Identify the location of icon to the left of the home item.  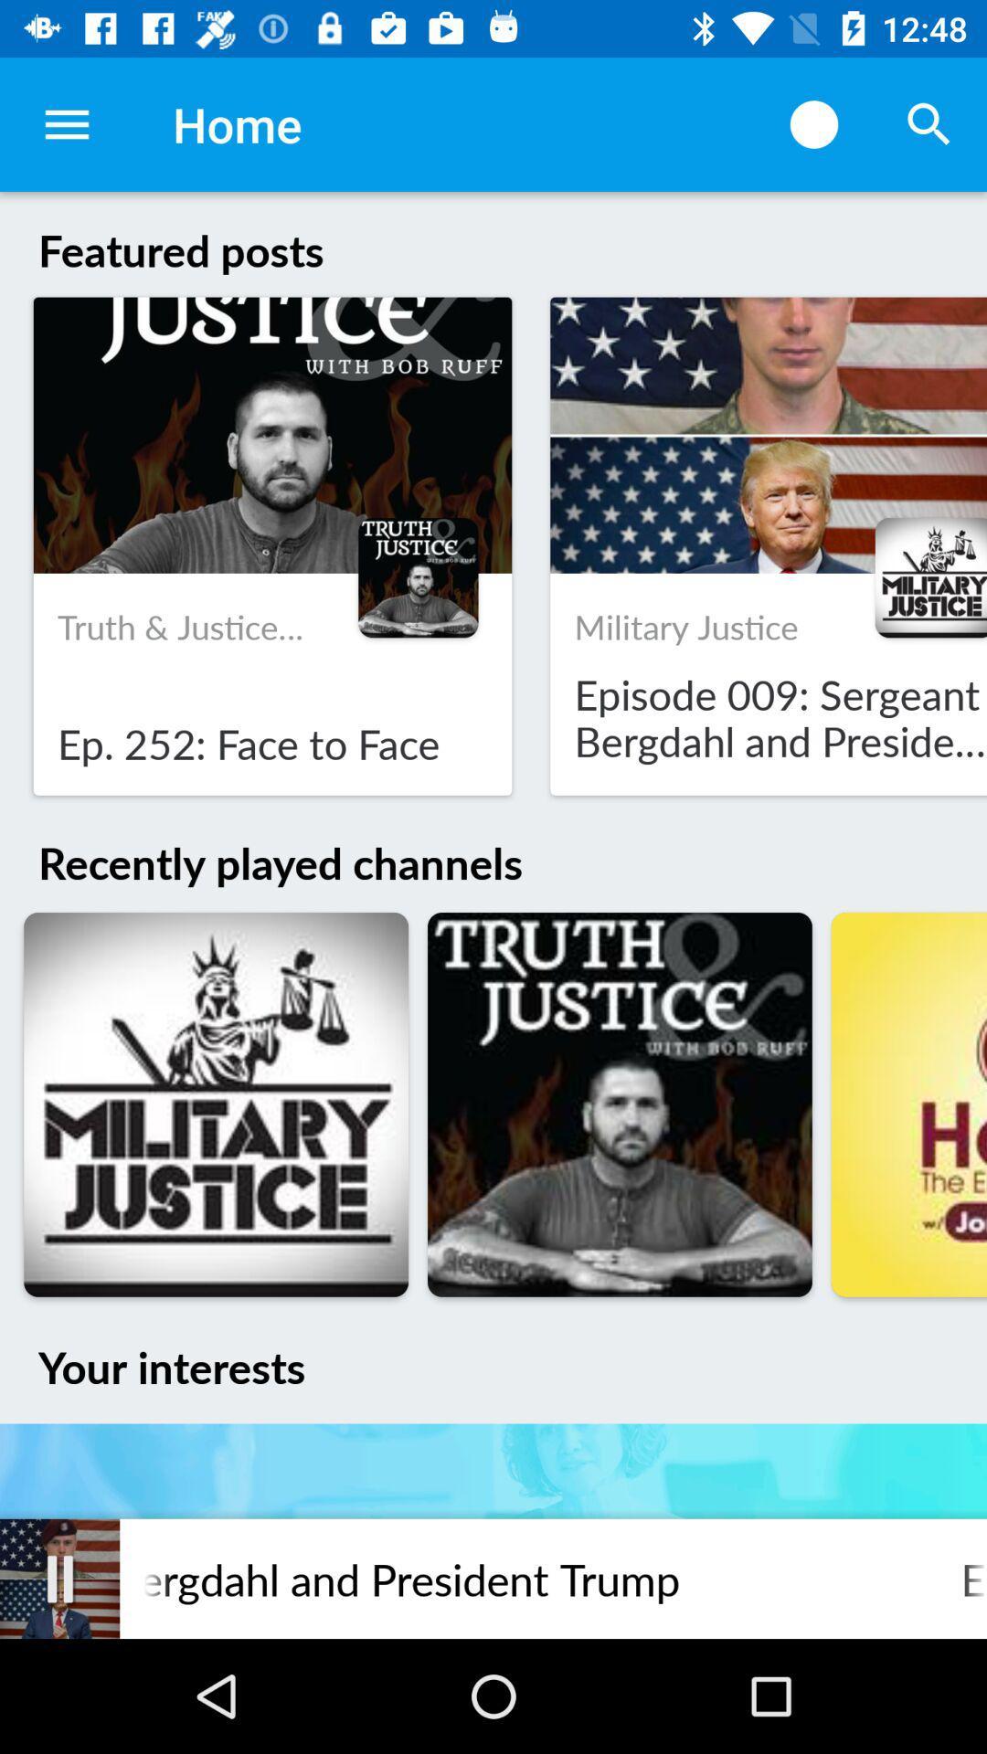
(66, 123).